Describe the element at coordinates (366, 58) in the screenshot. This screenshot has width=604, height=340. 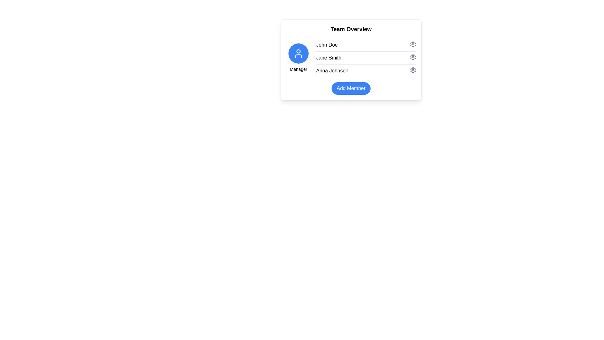
I see `the second entry in the vertical list of team members, which includes the names 'John Doe', 'Jane Smith', and 'Anna Johnson' under the 'Team Overview' title` at that location.